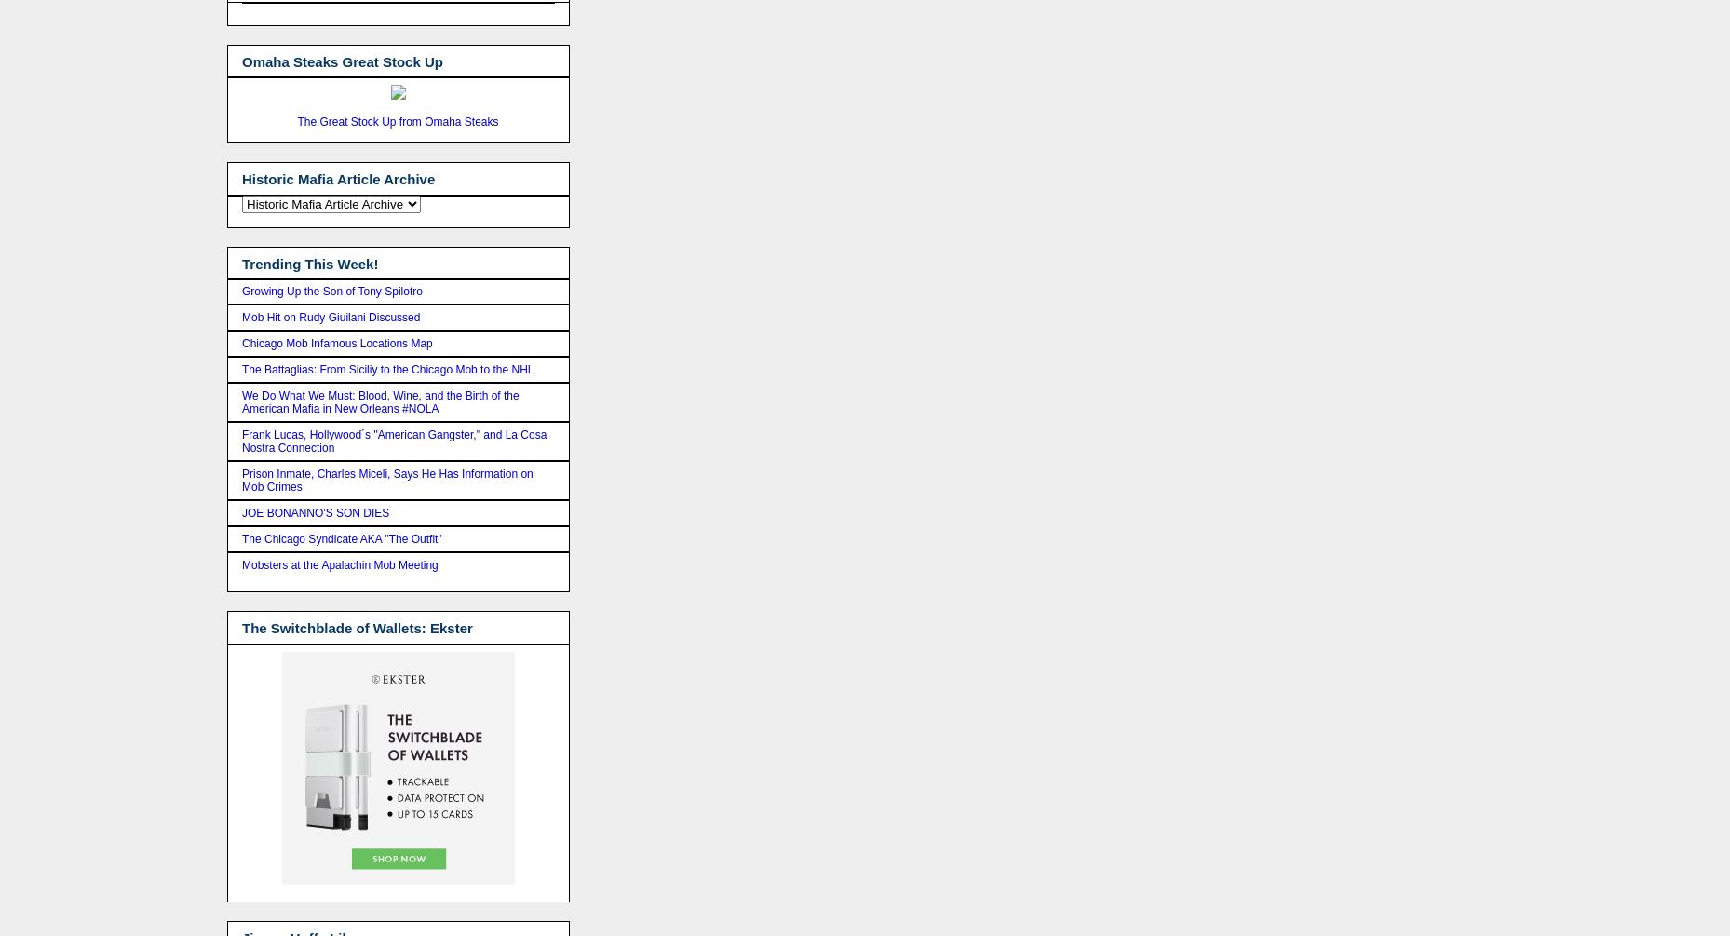 The width and height of the screenshot is (1730, 936). What do you see at coordinates (356, 628) in the screenshot?
I see `'The Switchblade of Wallets: Ekster'` at bounding box center [356, 628].